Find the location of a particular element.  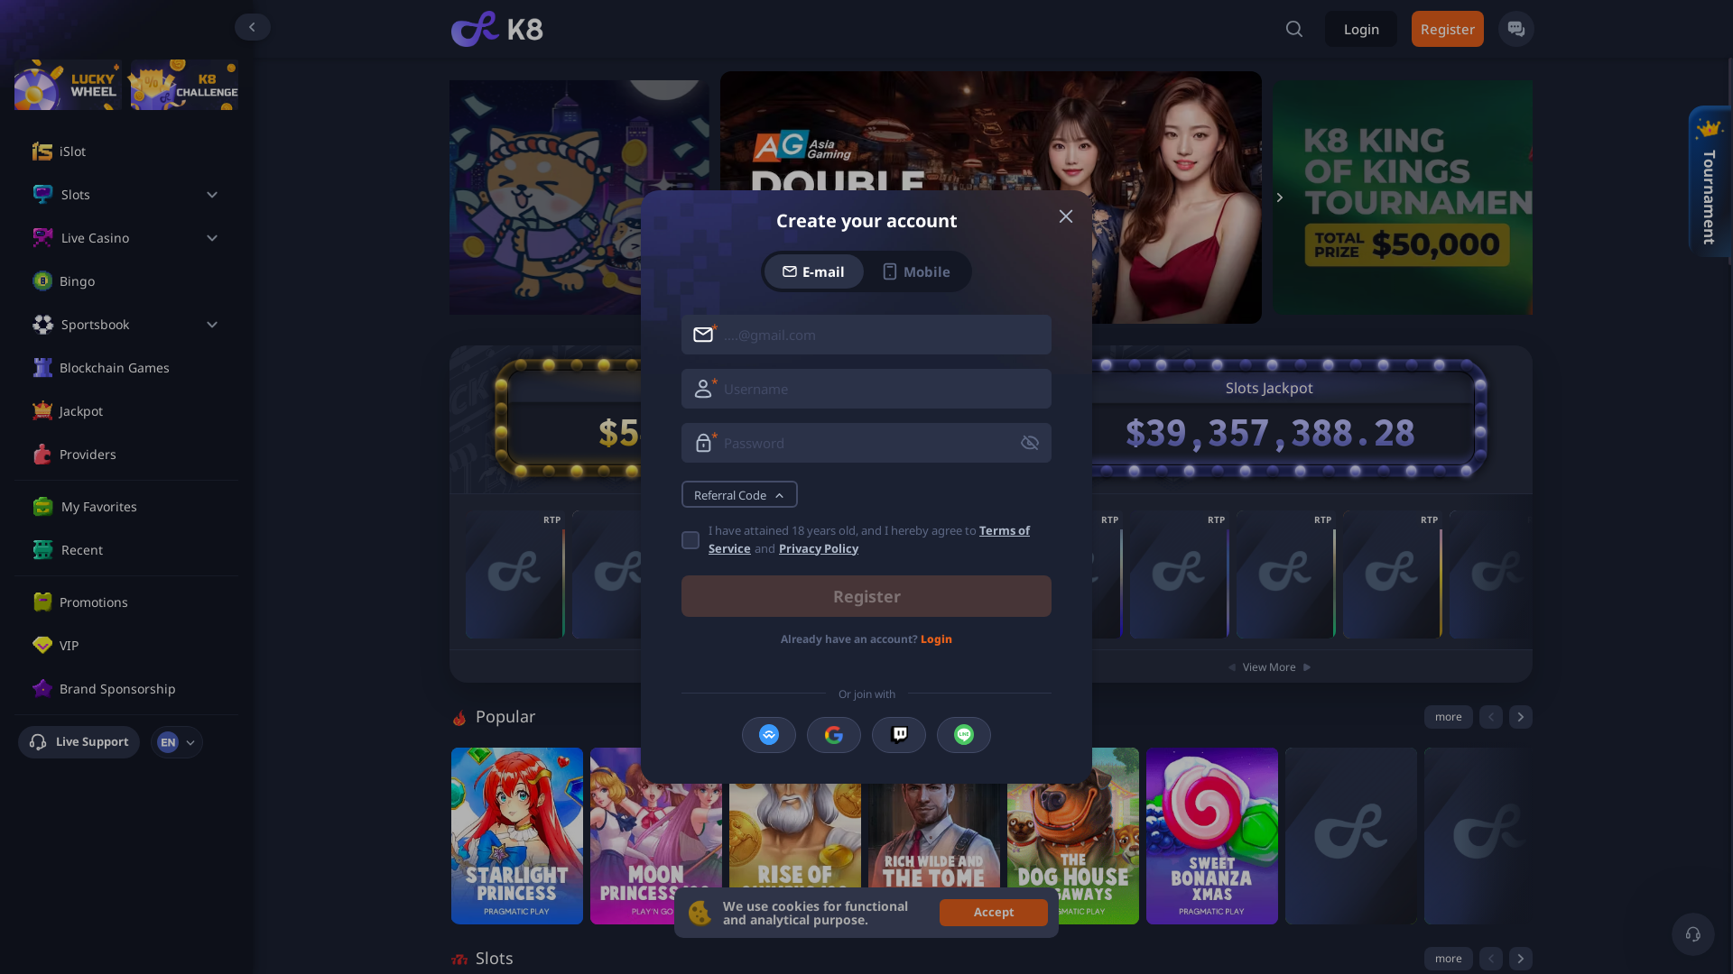

'Login' is located at coordinates (1360, 28).